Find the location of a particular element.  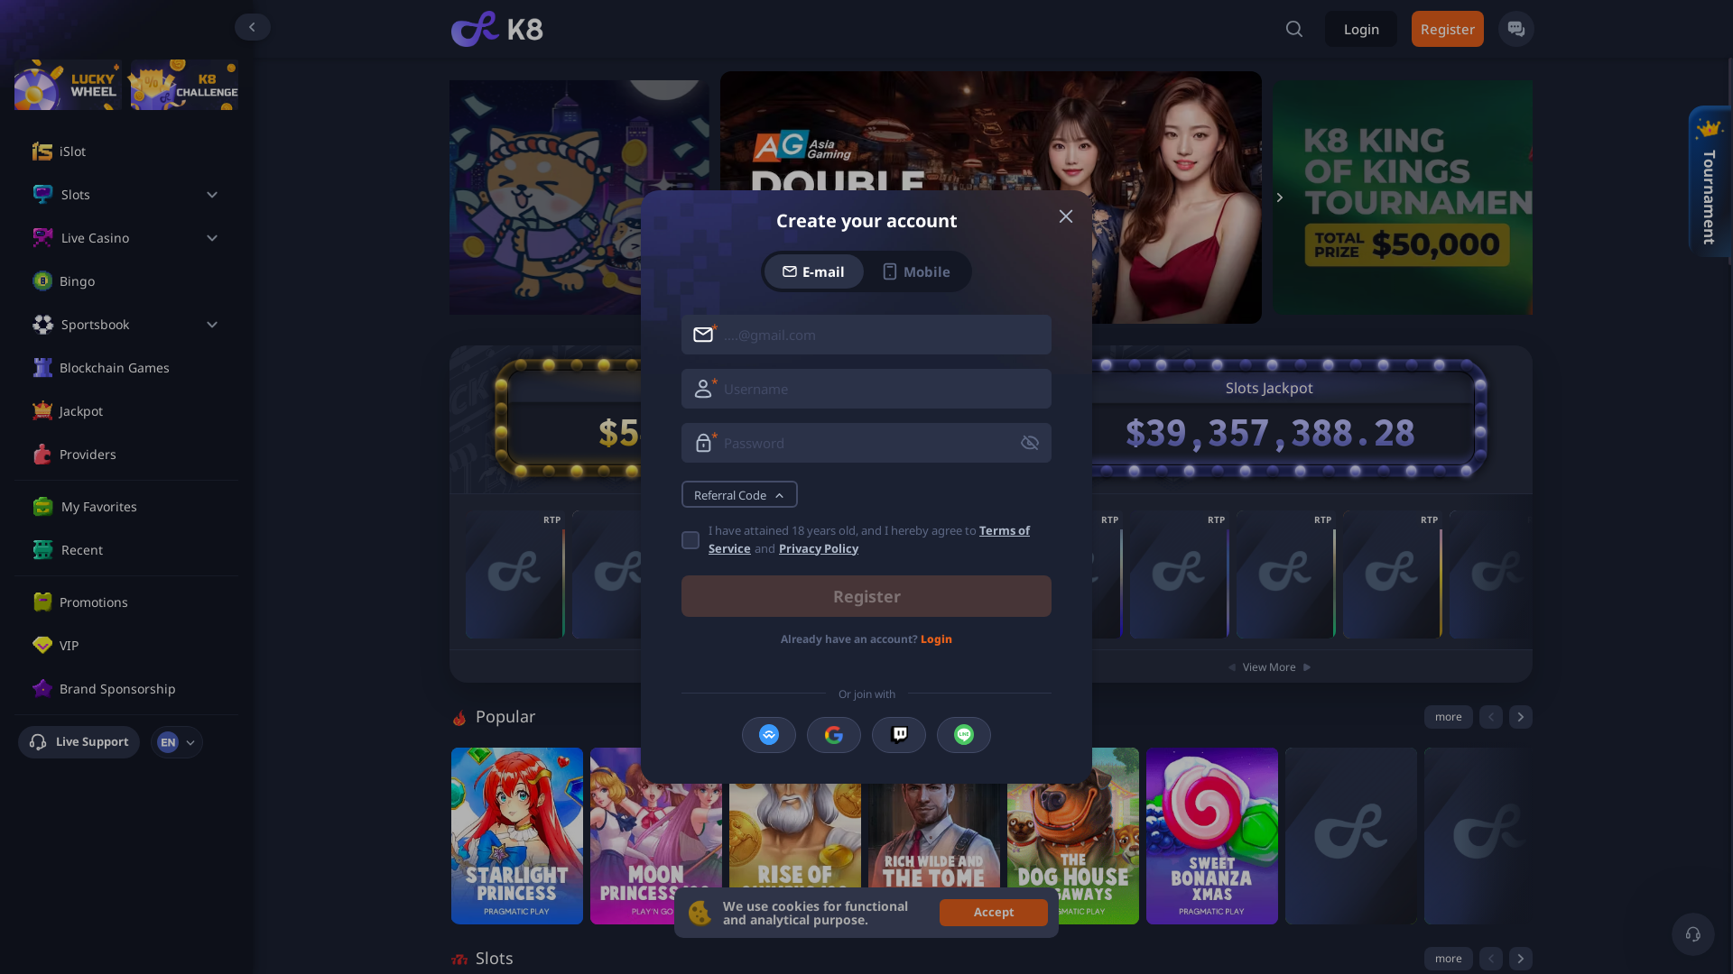

'Login' is located at coordinates (1360, 28).